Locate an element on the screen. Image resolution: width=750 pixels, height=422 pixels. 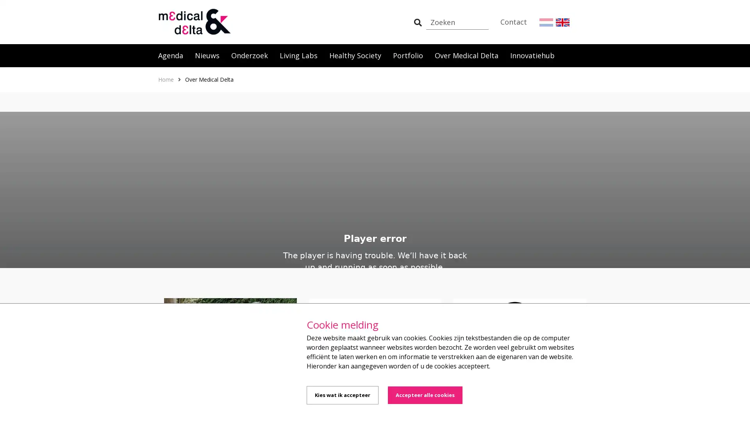
Accepteer alle cookies is located at coordinates (425, 395).